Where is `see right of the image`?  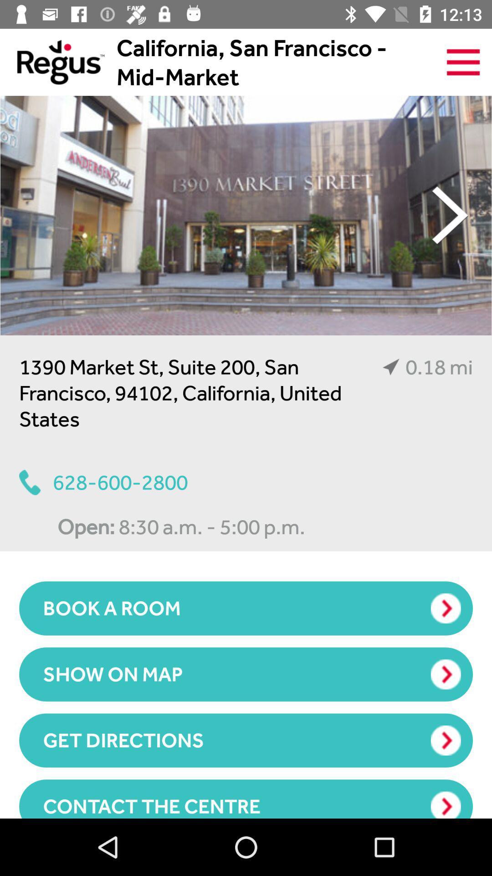
see right of the image is located at coordinates (450, 215).